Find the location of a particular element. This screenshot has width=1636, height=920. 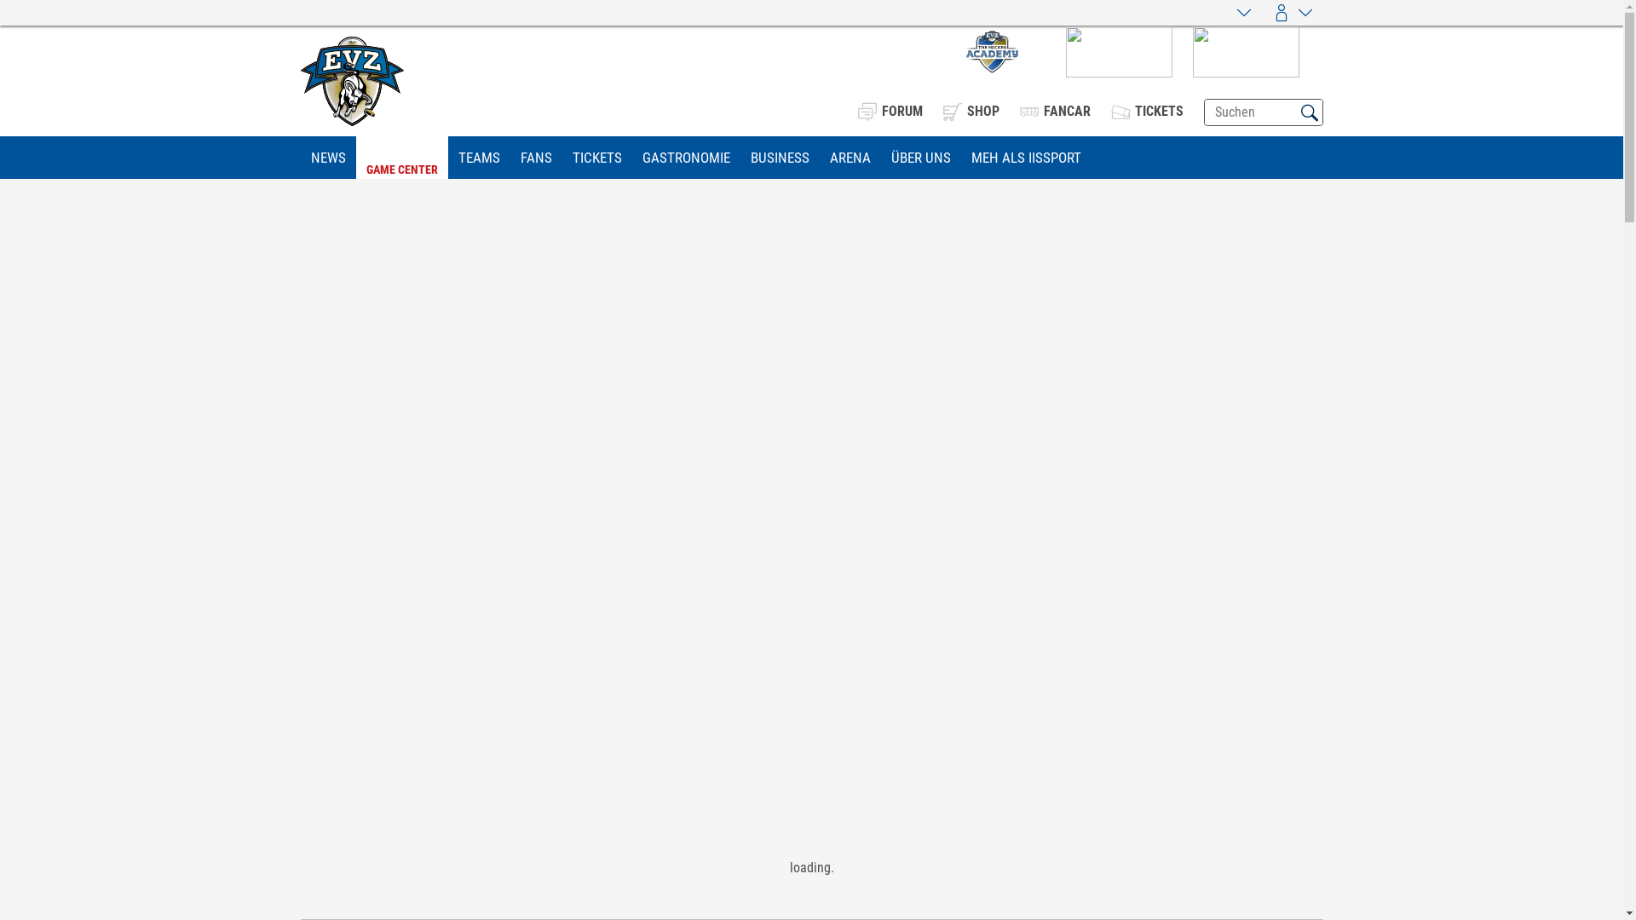

'ARENA' is located at coordinates (819, 158).